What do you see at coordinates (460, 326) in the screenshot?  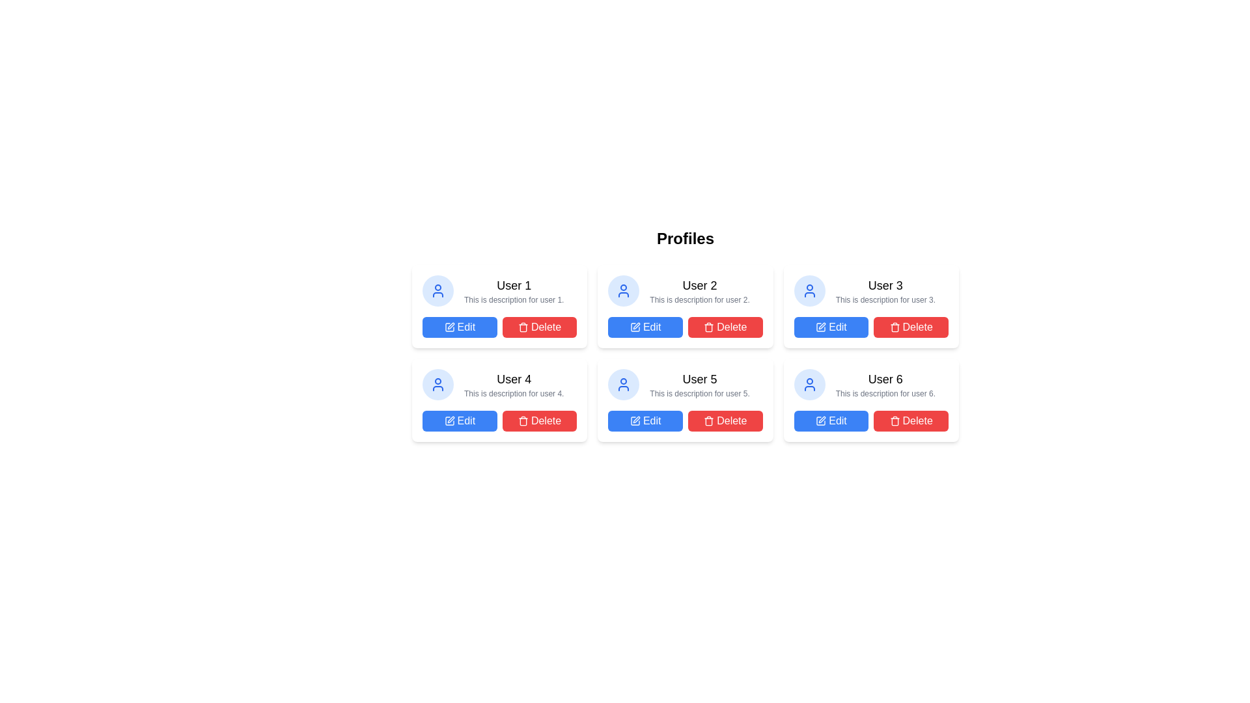 I see `the 'Edit' button, which is a rectangular button with rounded corners, a blue background, and white text, located in the first row and first column of the grid of user profile cards` at bounding box center [460, 326].